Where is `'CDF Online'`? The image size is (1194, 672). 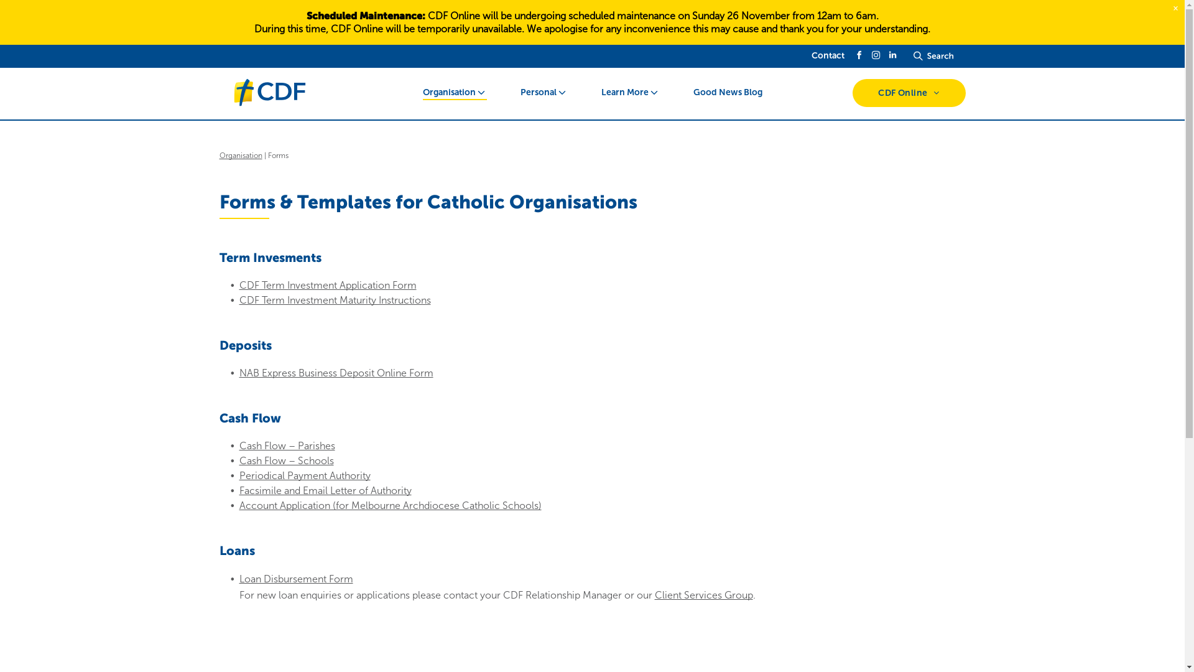 'CDF Online' is located at coordinates (909, 92).